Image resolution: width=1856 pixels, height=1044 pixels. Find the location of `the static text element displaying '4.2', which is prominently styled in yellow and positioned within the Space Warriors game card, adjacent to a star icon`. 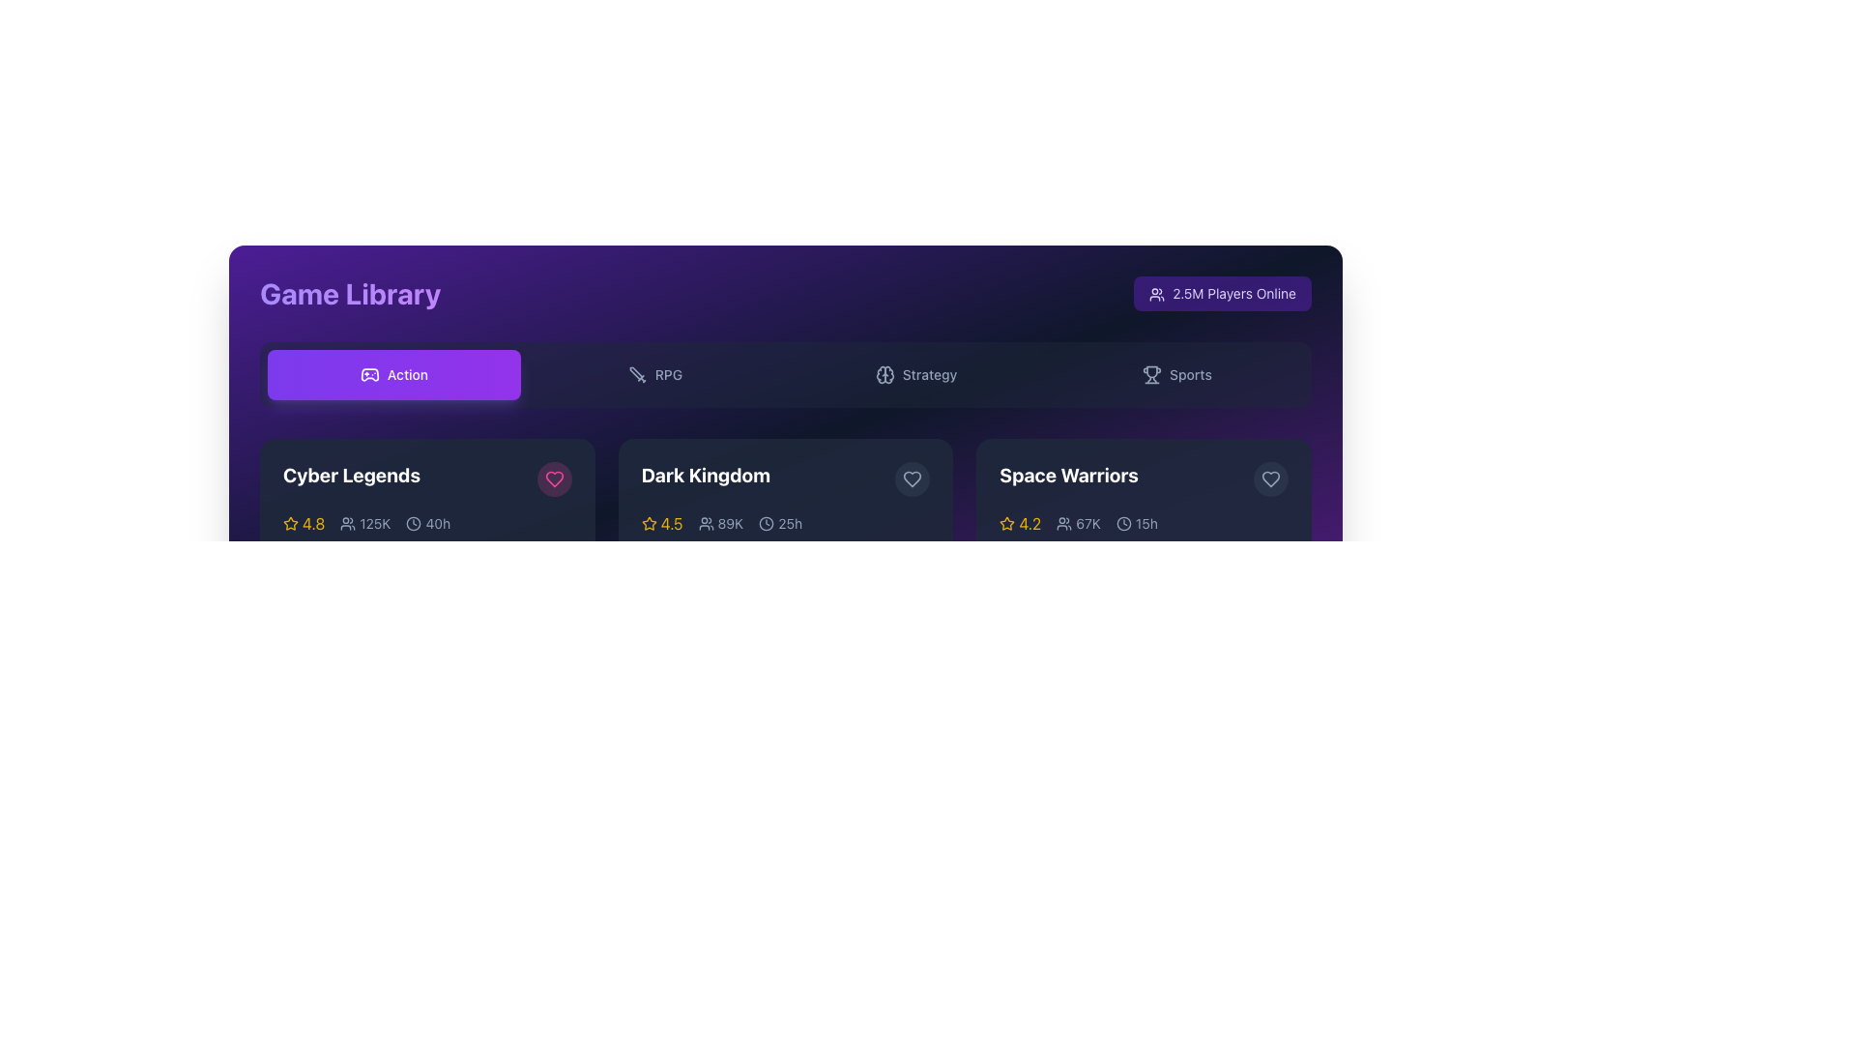

the static text element displaying '4.2', which is prominently styled in yellow and positioned within the Space Warriors game card, adjacent to a star icon is located at coordinates (1029, 524).